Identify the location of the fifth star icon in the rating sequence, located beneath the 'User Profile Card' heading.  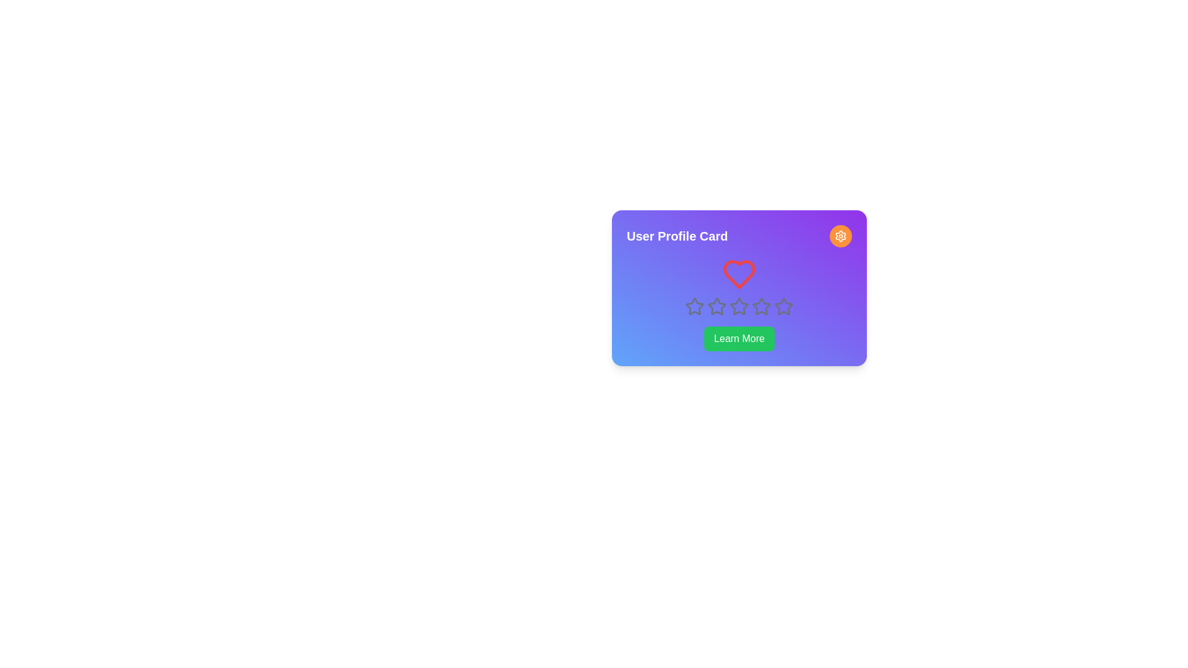
(783, 306).